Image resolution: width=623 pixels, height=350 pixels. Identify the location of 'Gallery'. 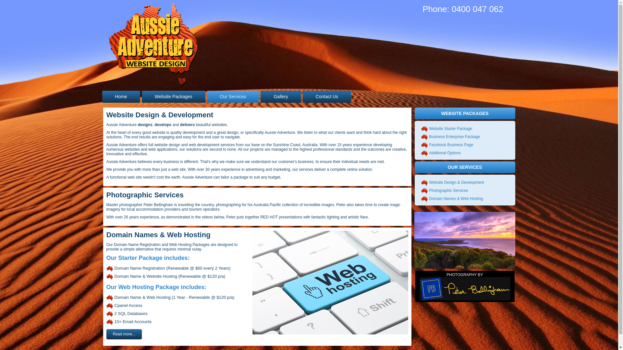
(280, 97).